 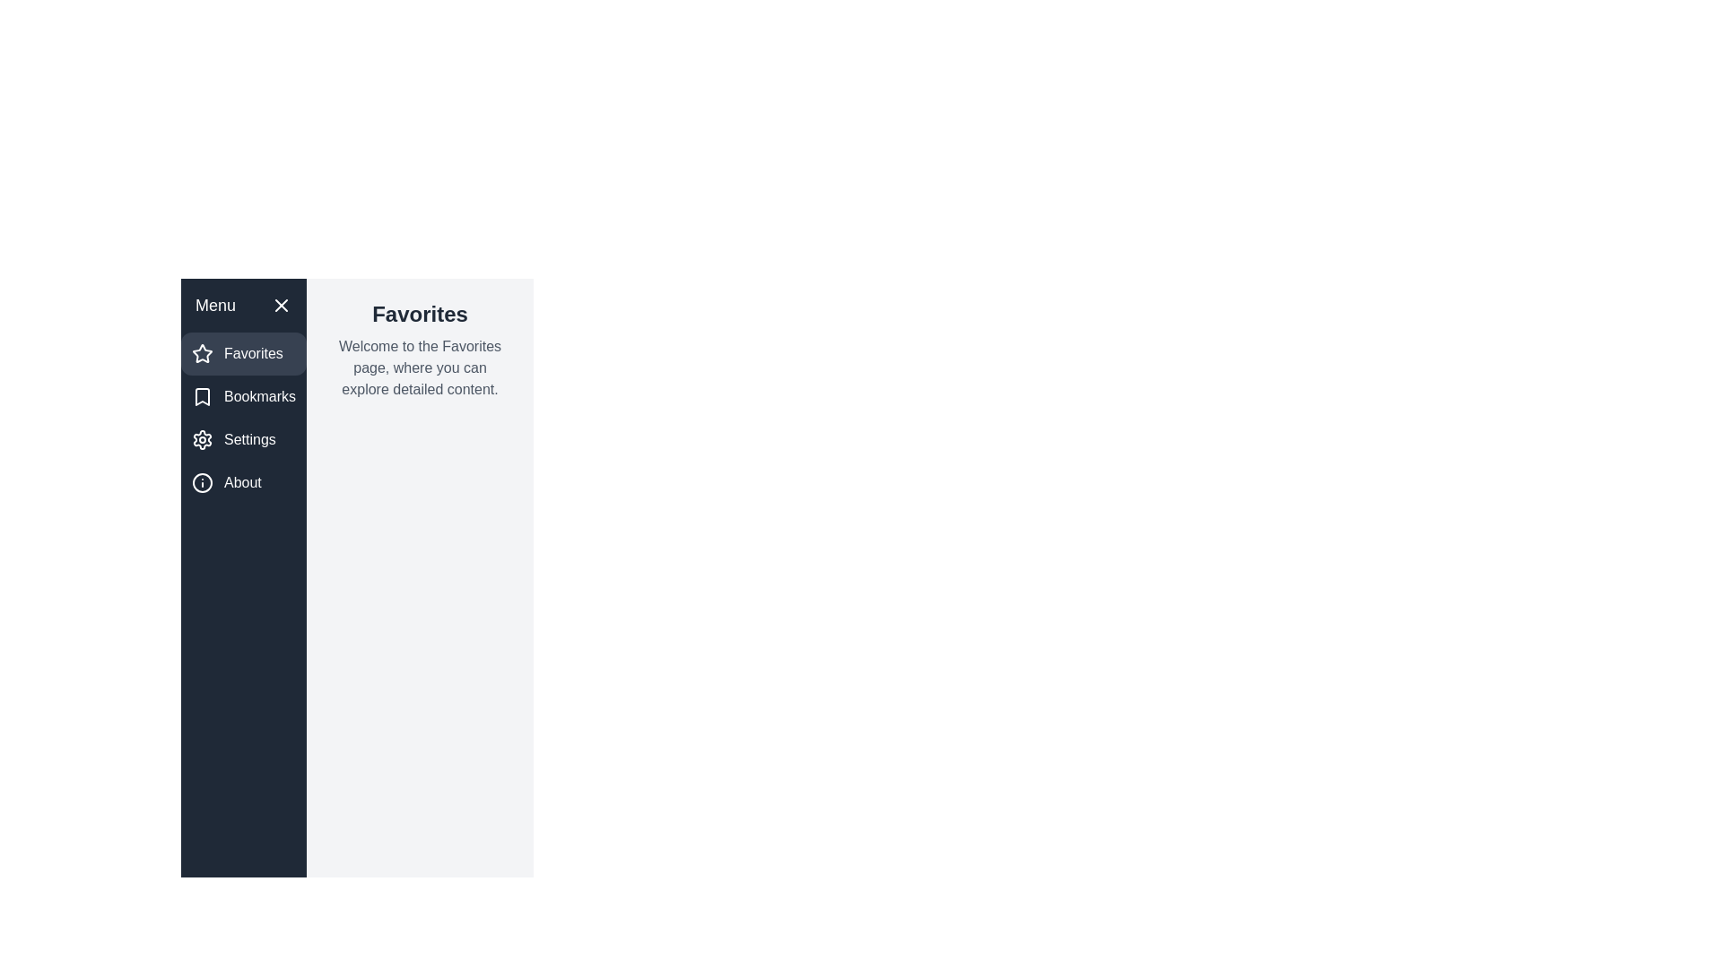 What do you see at coordinates (419, 367) in the screenshot?
I see `the text block that displays the message 'Welcome to the Favorites page, where you can explore detailed content.', which is located directly below the 'Favorites' header and has a light gray background` at bounding box center [419, 367].